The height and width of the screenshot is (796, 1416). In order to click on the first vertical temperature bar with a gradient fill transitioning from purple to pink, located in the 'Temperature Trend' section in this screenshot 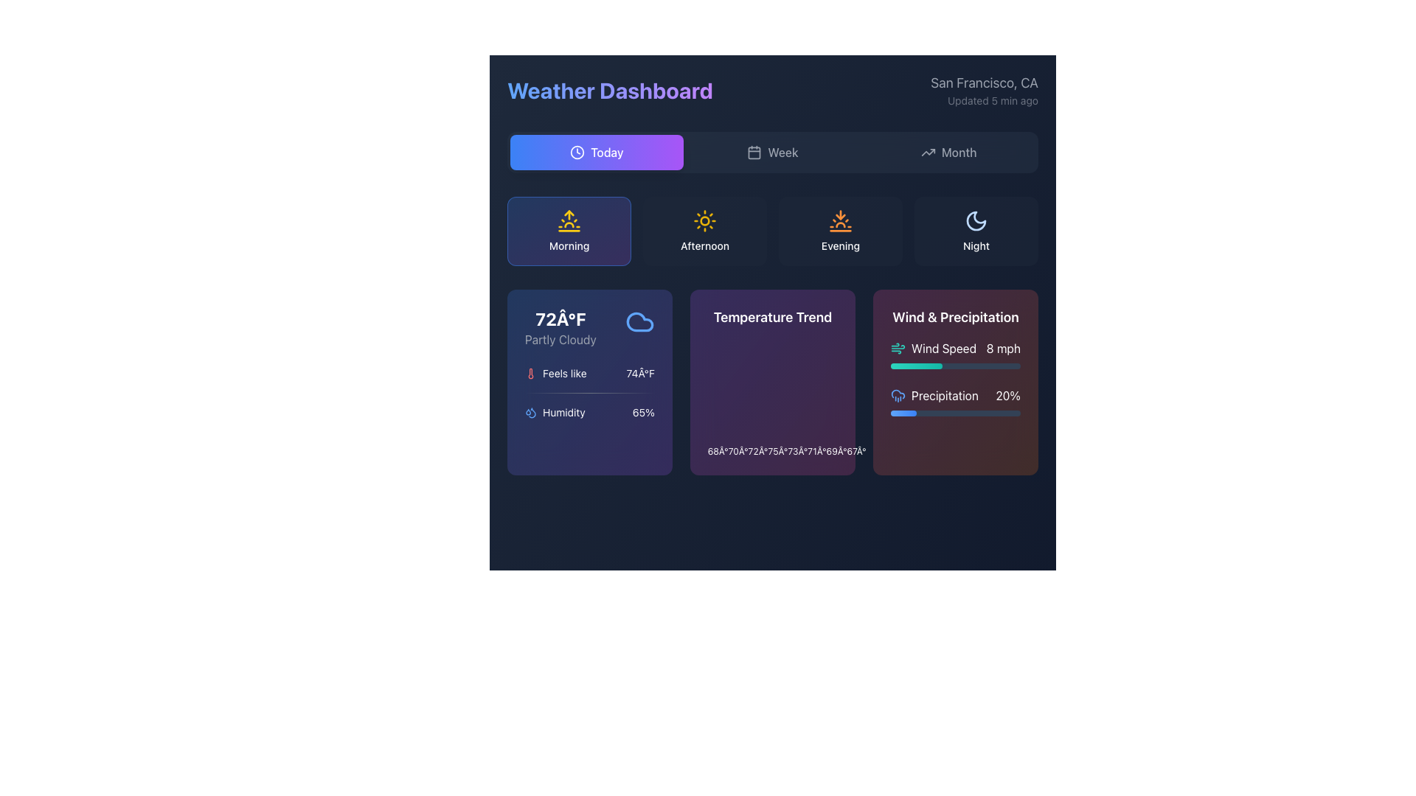, I will do `click(718, 448)`.